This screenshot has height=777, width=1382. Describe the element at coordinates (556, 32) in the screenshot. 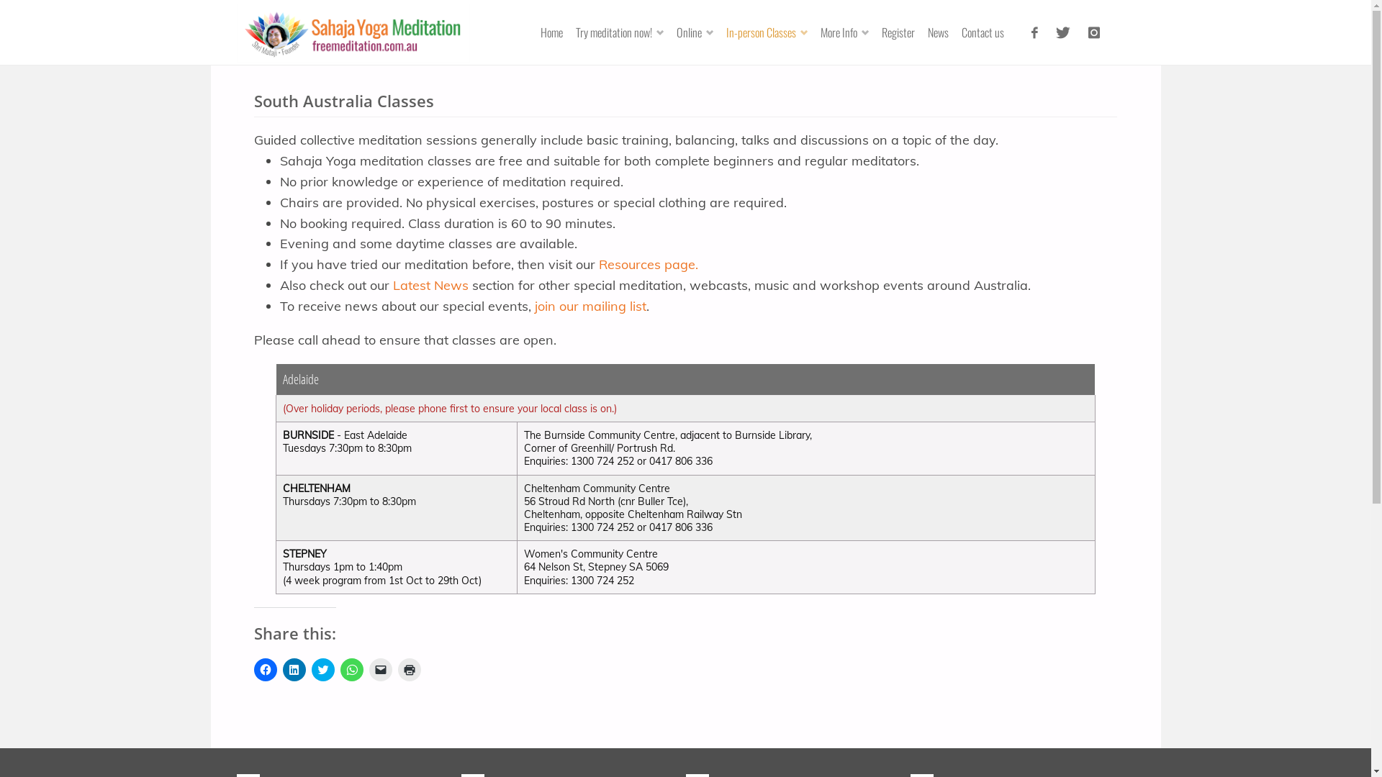

I see `'Home'` at that location.